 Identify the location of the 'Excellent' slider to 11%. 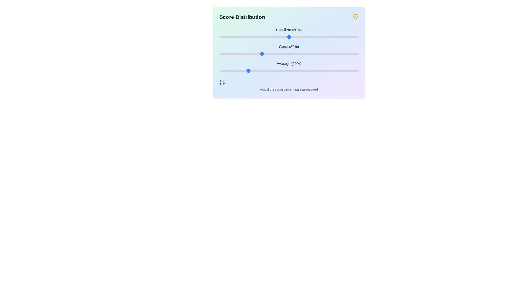
(234, 36).